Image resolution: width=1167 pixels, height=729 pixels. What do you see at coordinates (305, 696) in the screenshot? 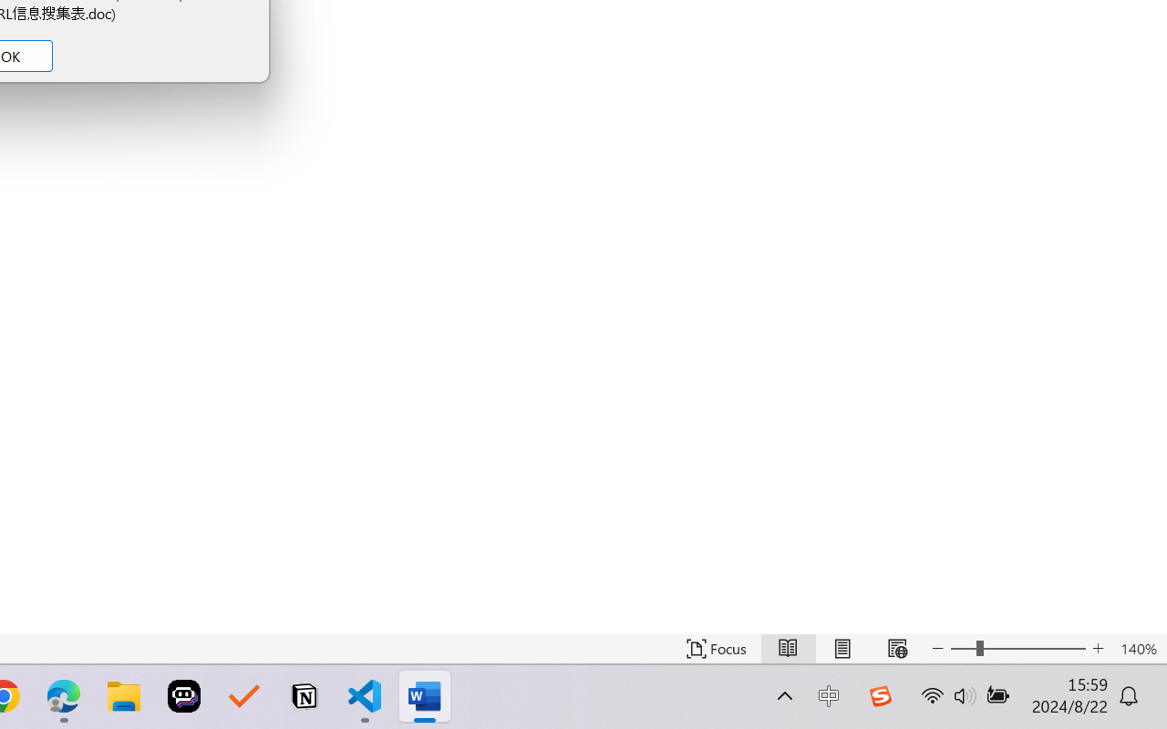
I see `'Notion'` at bounding box center [305, 696].